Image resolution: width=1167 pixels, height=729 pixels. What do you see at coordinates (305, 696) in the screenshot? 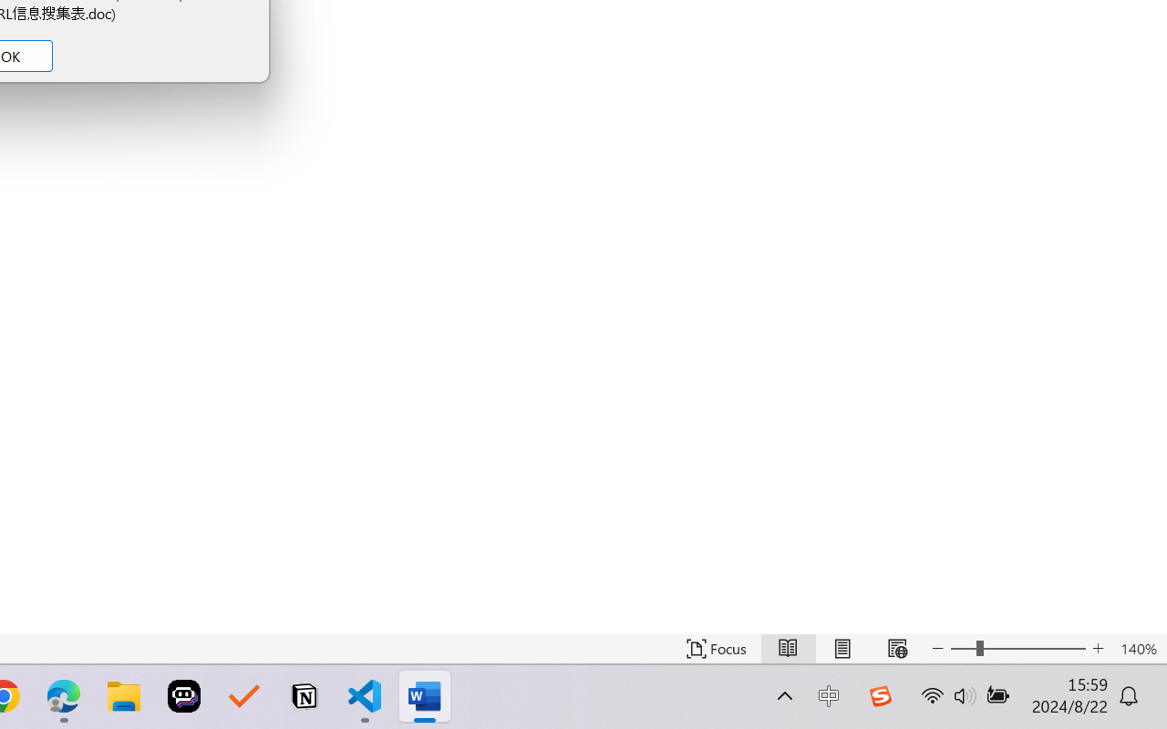
I see `'Notion'` at bounding box center [305, 696].